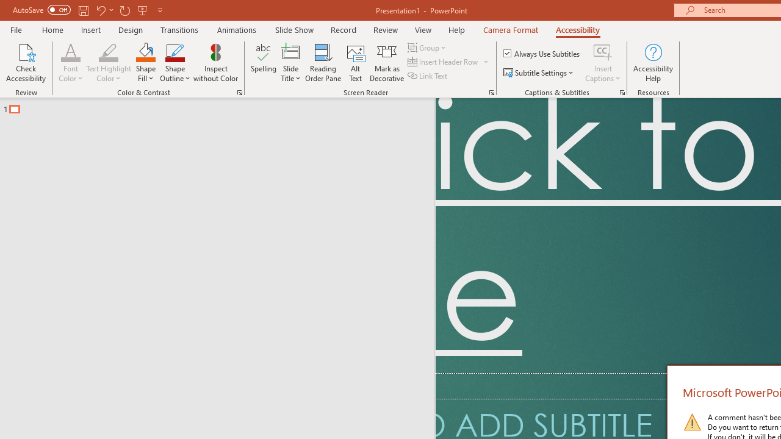 The width and height of the screenshot is (781, 439). I want to click on 'Insert Header Row', so click(443, 62).